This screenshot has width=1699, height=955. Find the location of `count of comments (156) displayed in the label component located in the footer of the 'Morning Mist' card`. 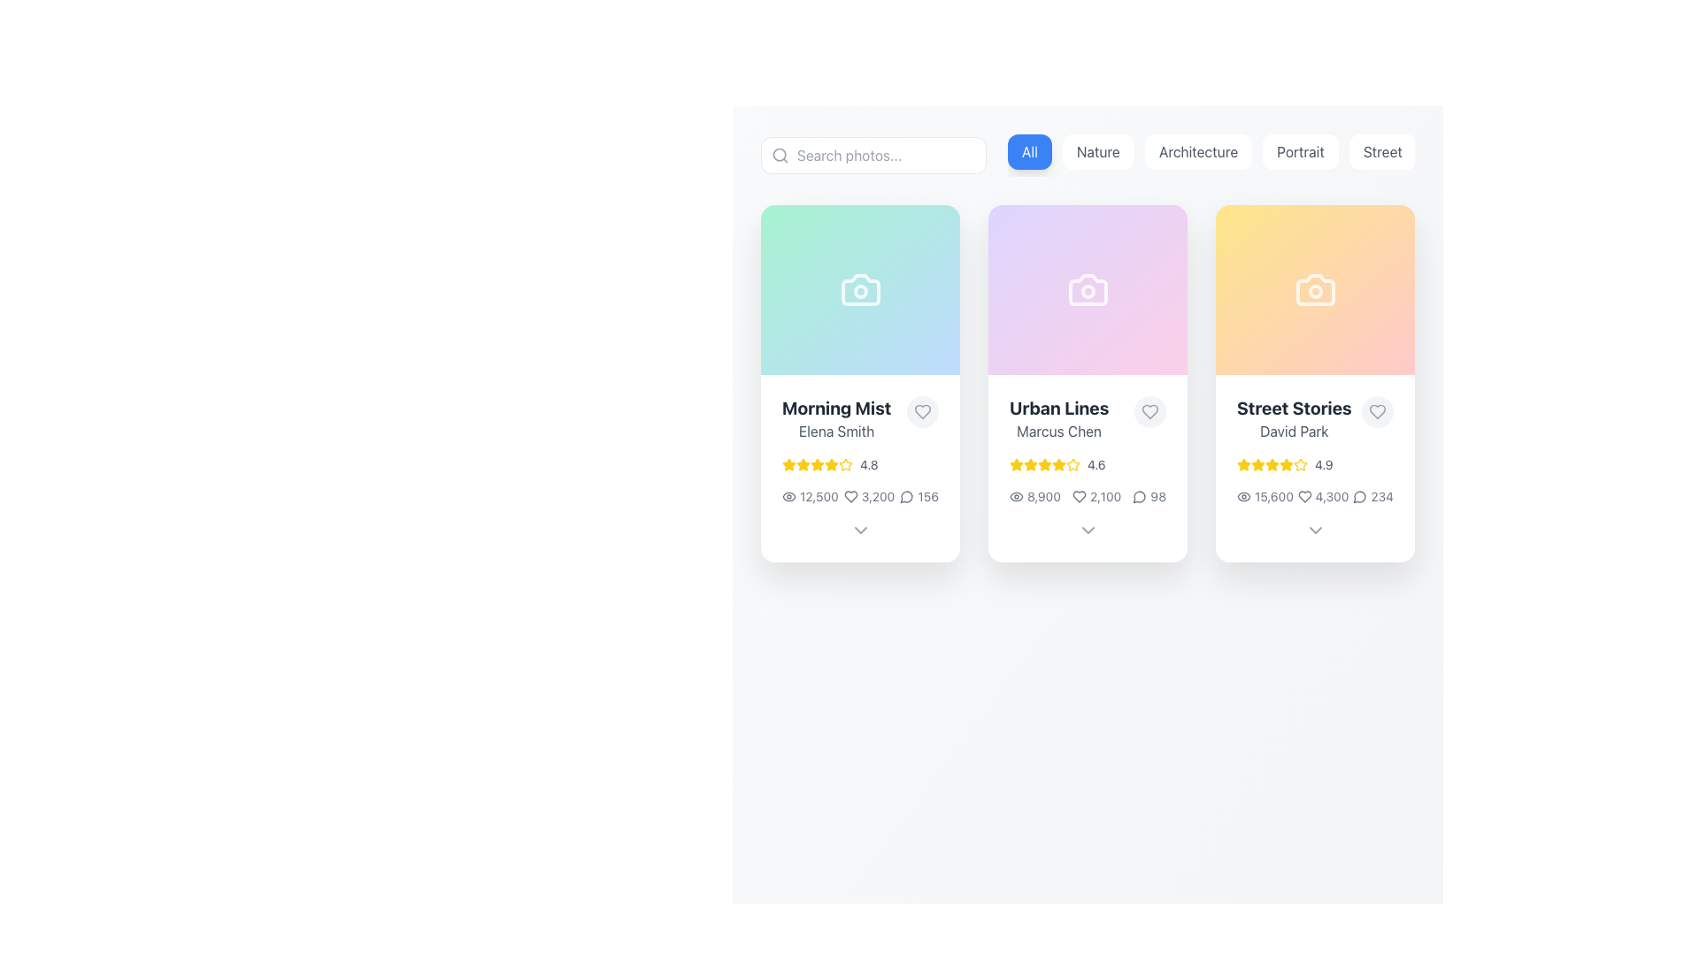

count of comments (156) displayed in the label component located in the footer of the 'Morning Mist' card is located at coordinates (919, 497).